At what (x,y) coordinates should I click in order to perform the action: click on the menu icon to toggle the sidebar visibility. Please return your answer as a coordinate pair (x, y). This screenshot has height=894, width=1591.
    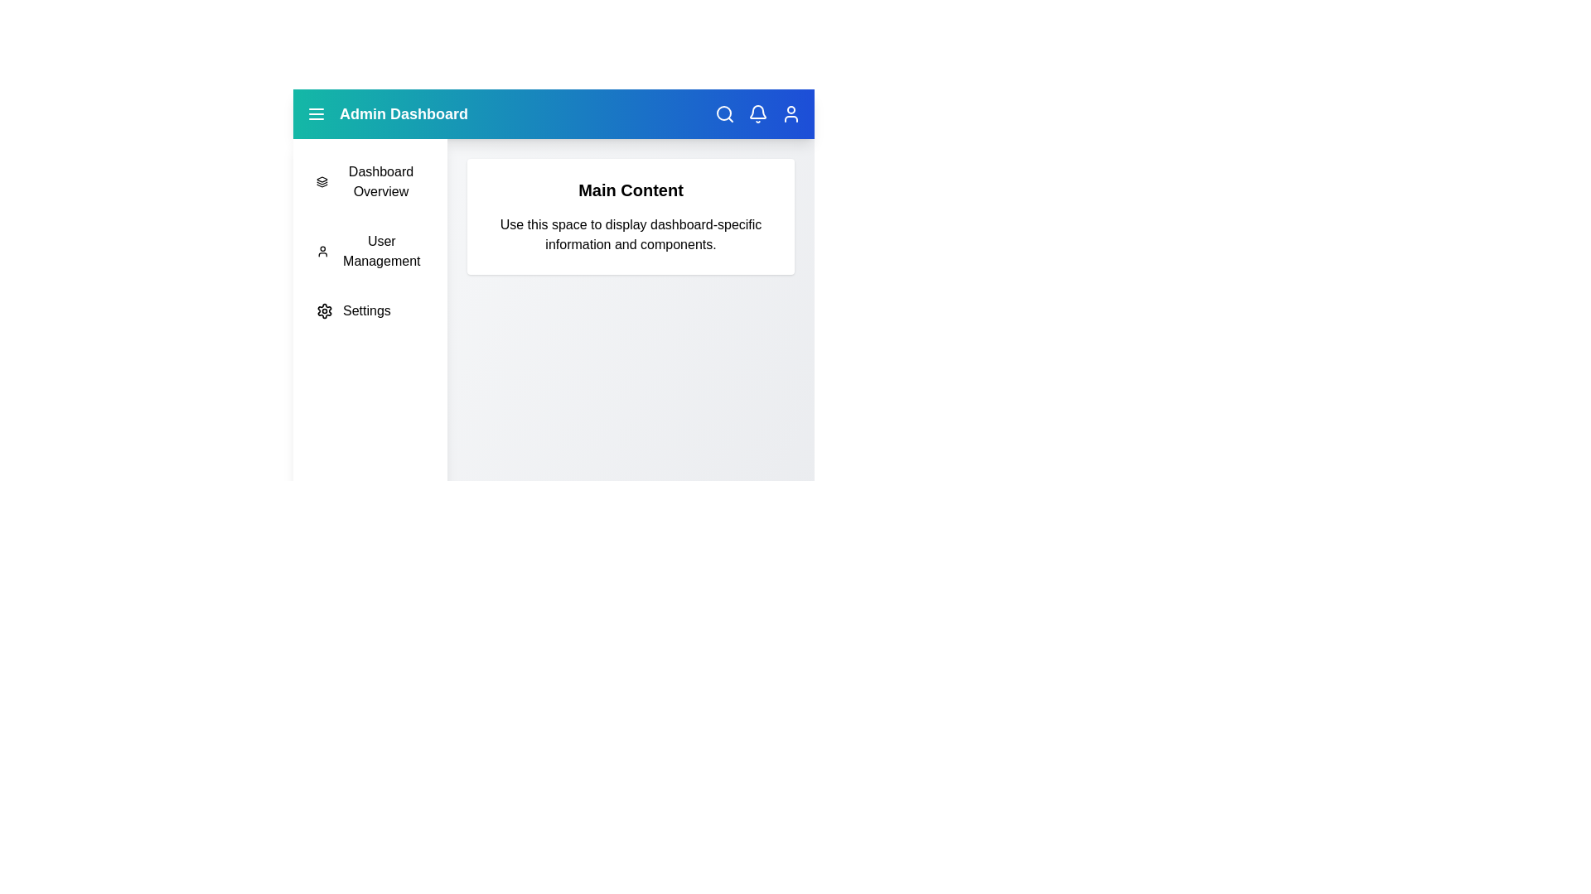
    Looking at the image, I should click on (317, 113).